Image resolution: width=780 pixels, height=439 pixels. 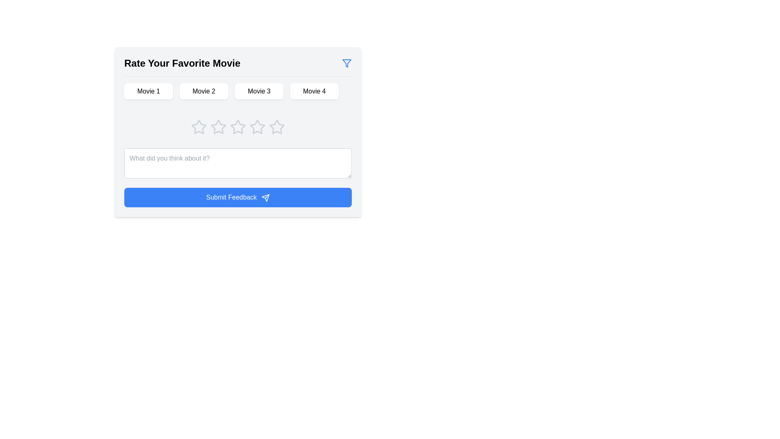 What do you see at coordinates (237, 94) in the screenshot?
I see `the movie block in the list of selectable items containing titles like 'Movie 1', 'Movie 2', 'Movie 3', and 'Movie 4'` at bounding box center [237, 94].